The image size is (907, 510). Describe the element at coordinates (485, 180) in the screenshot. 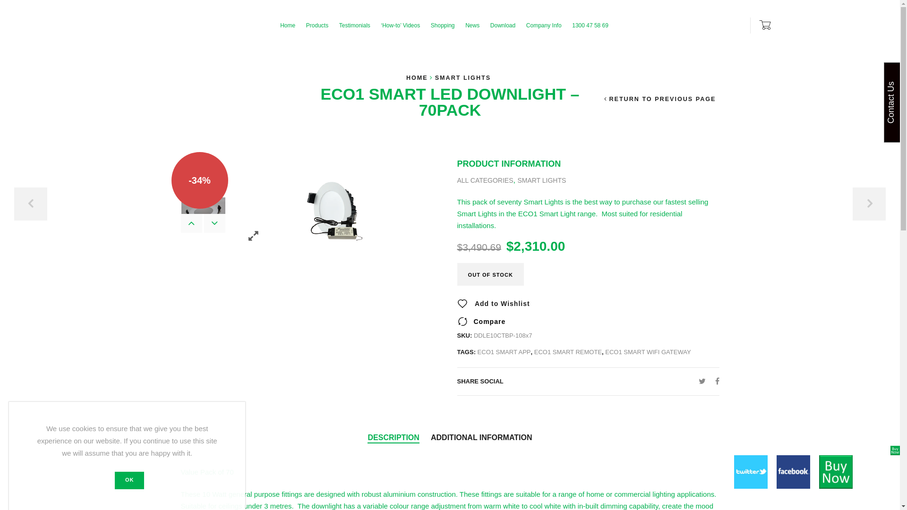

I see `'ALL CATEGORIES'` at that location.